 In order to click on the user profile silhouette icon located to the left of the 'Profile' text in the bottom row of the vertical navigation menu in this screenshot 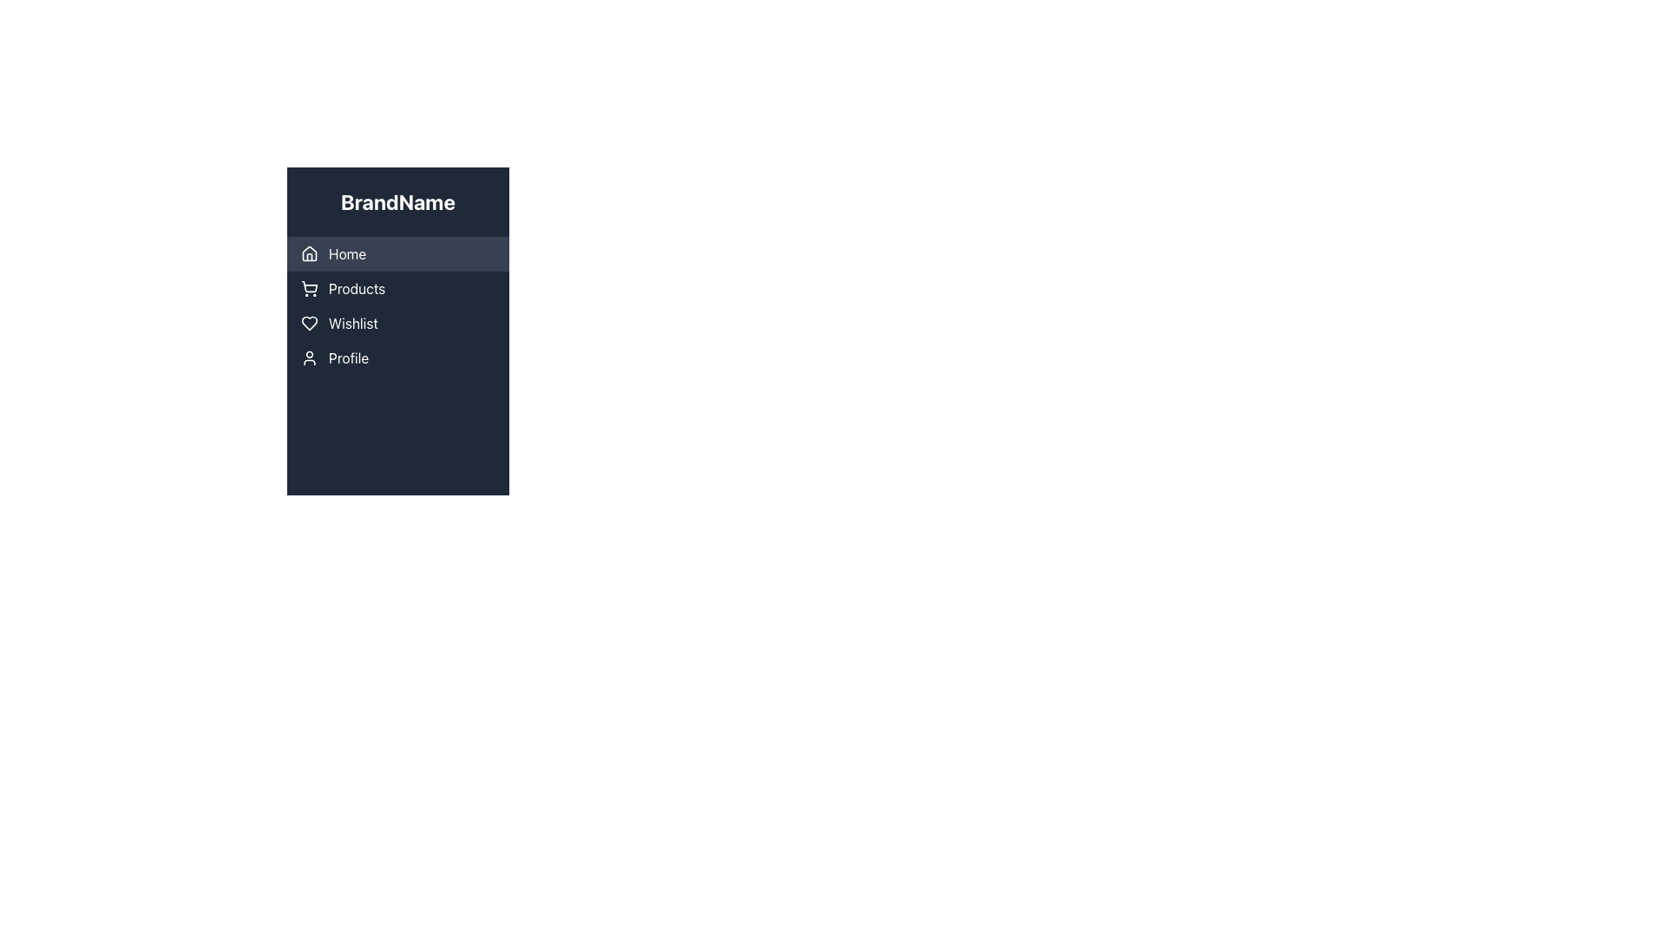, I will do `click(309, 357)`.